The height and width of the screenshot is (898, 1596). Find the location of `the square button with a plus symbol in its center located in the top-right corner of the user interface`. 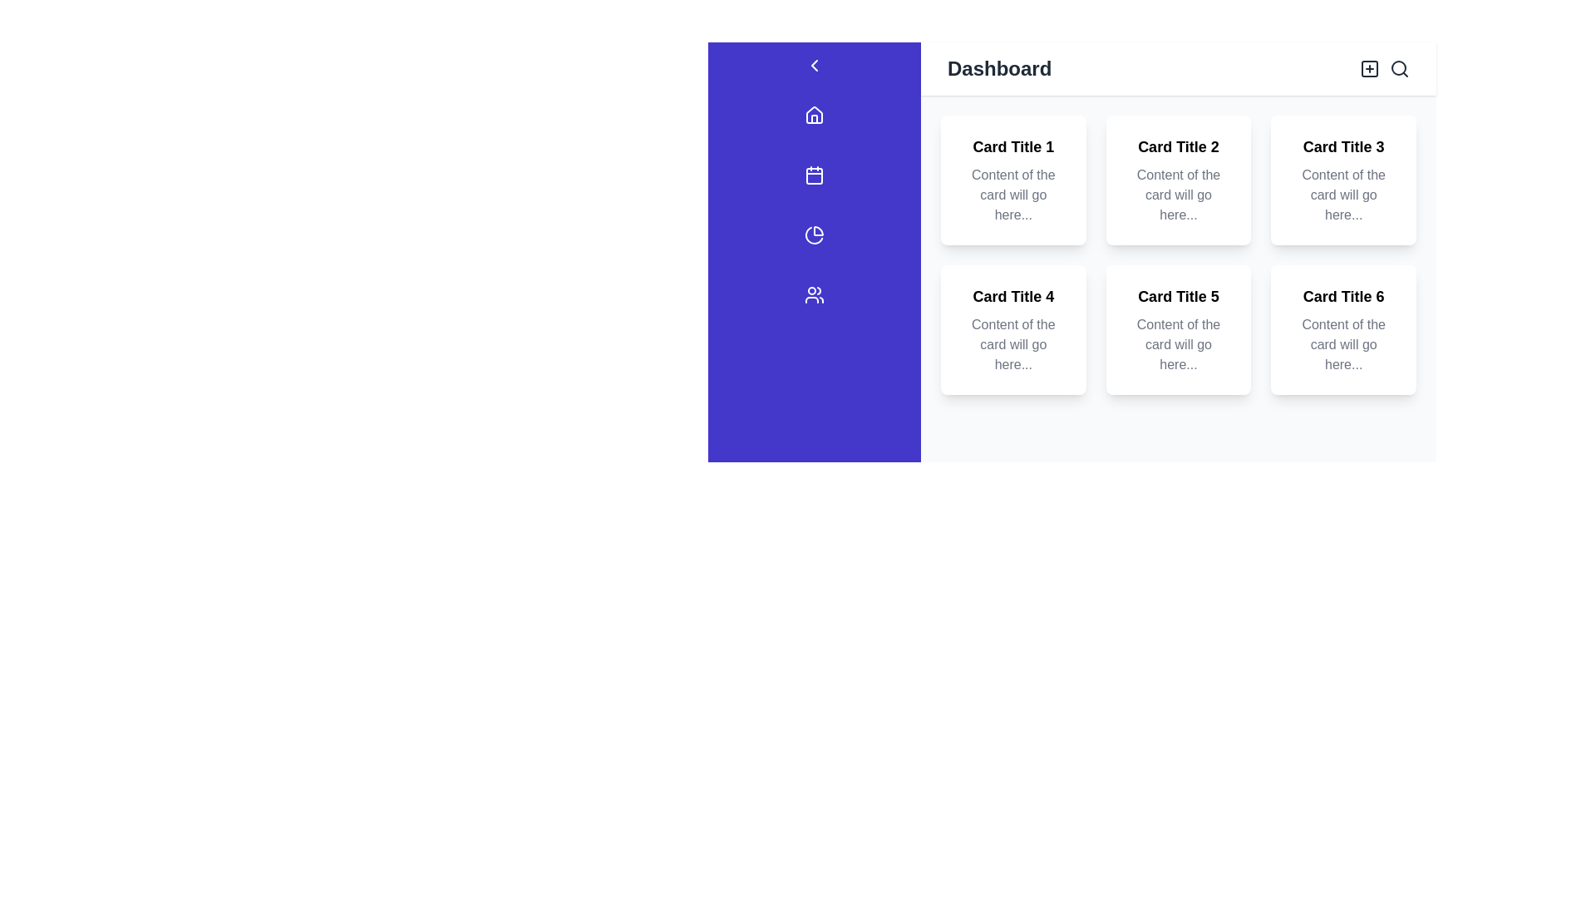

the square button with a plus symbol in its center located in the top-right corner of the user interface is located at coordinates (1369, 68).